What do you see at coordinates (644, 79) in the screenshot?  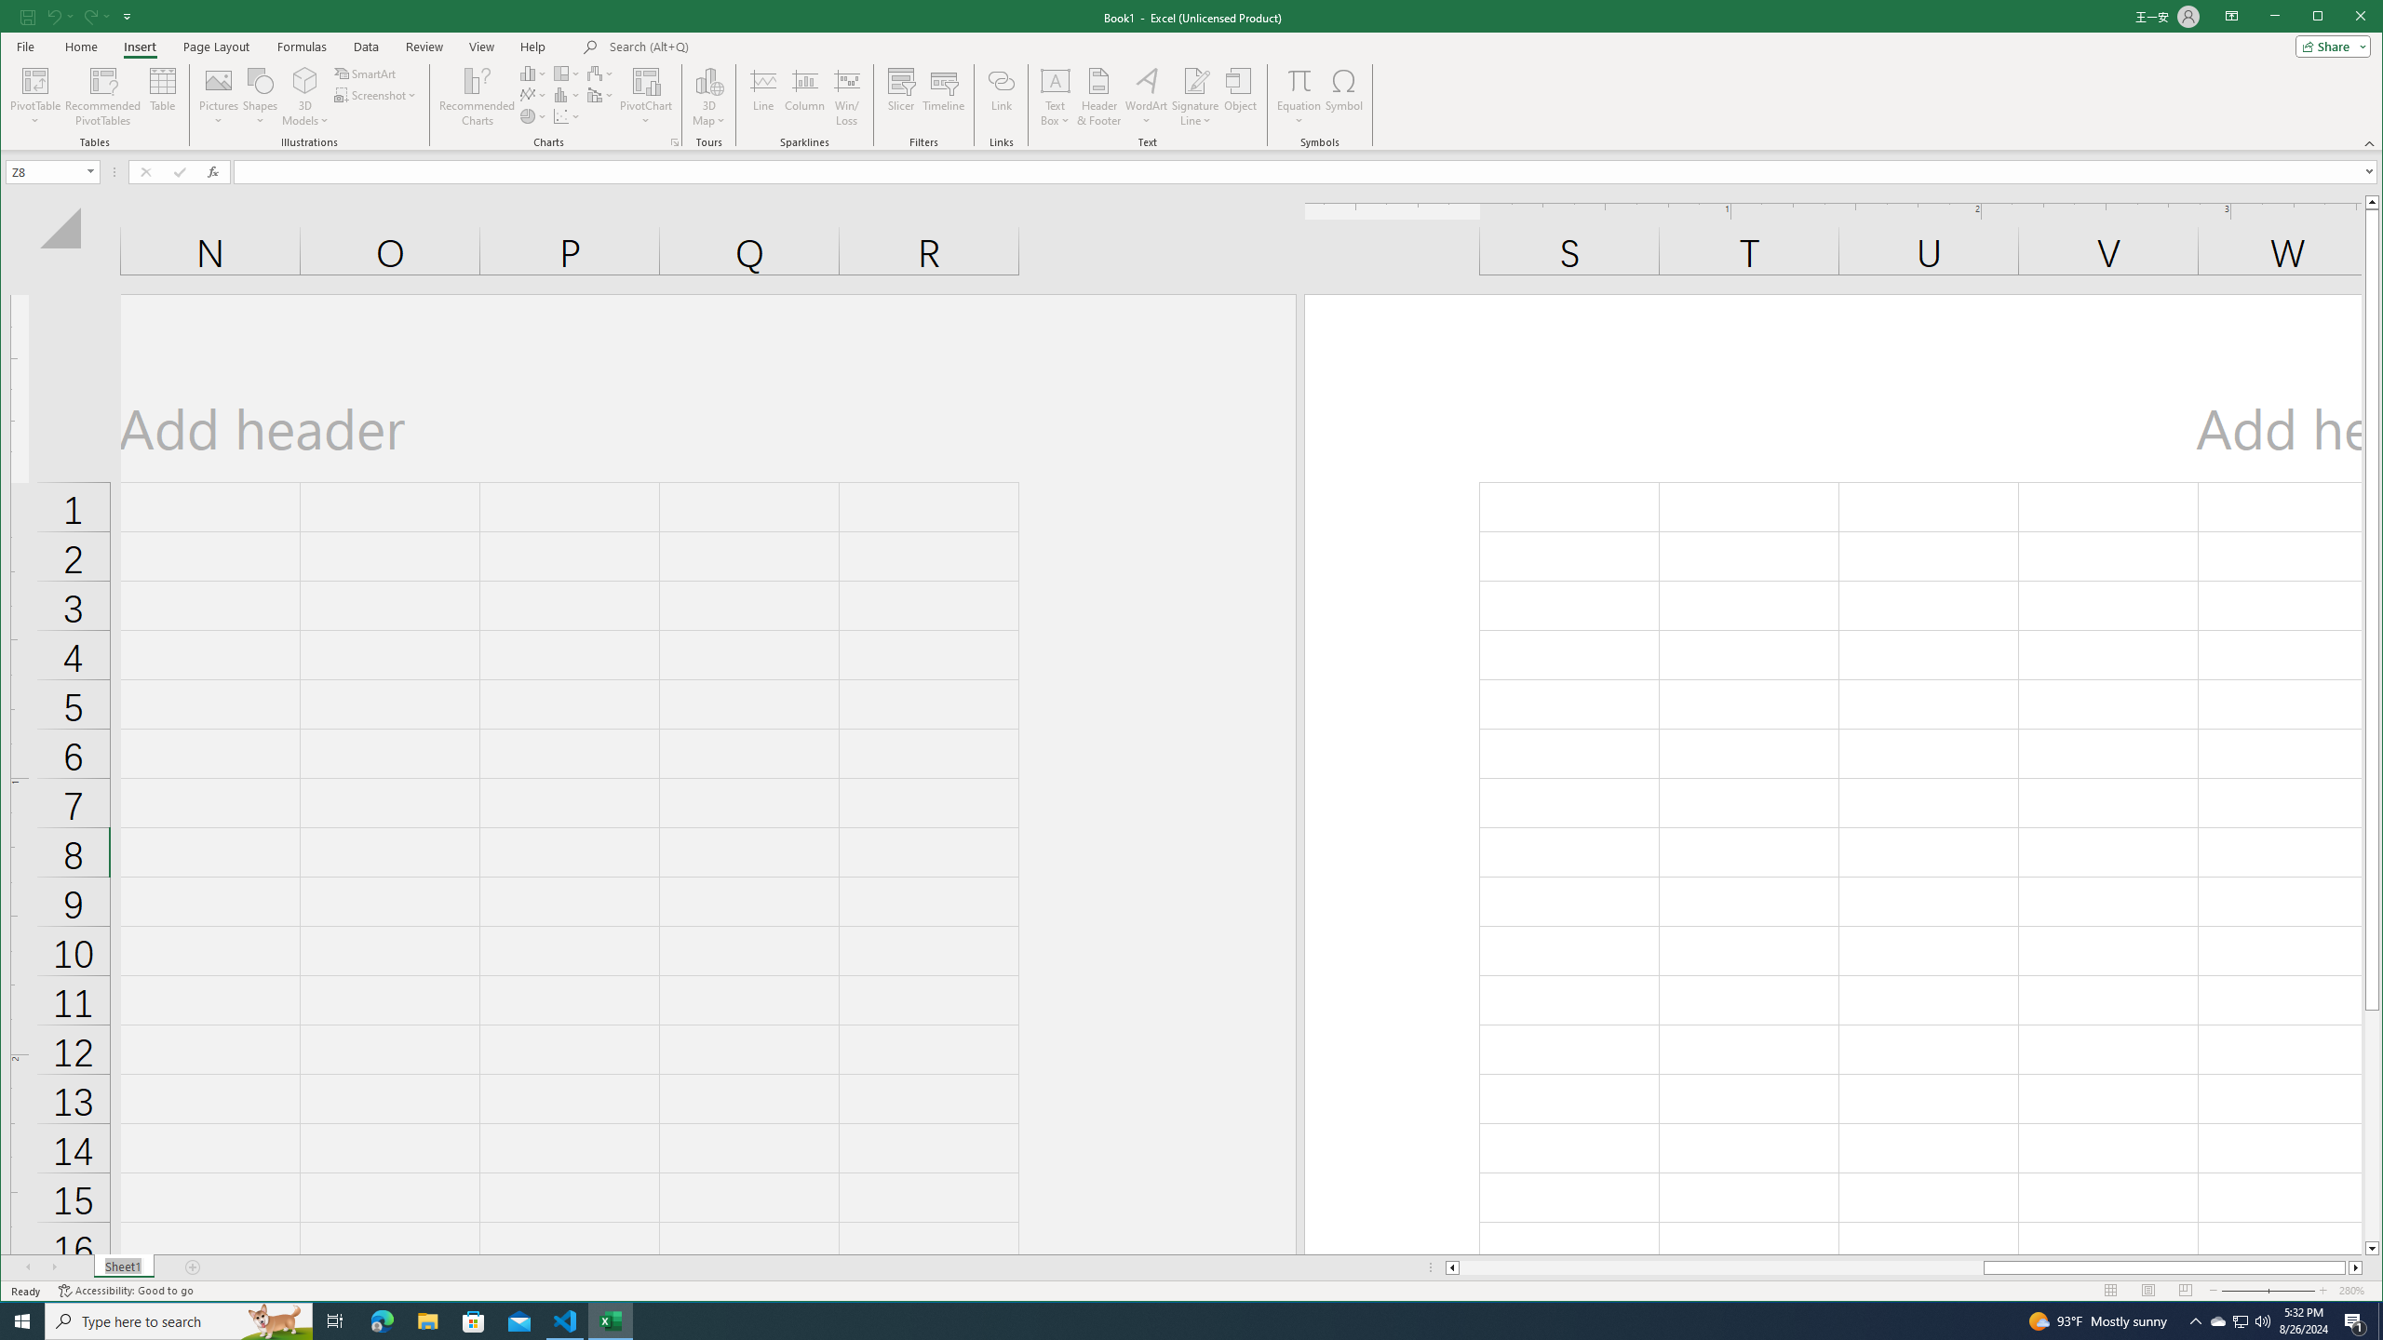 I see `'PivotChart'` at bounding box center [644, 79].